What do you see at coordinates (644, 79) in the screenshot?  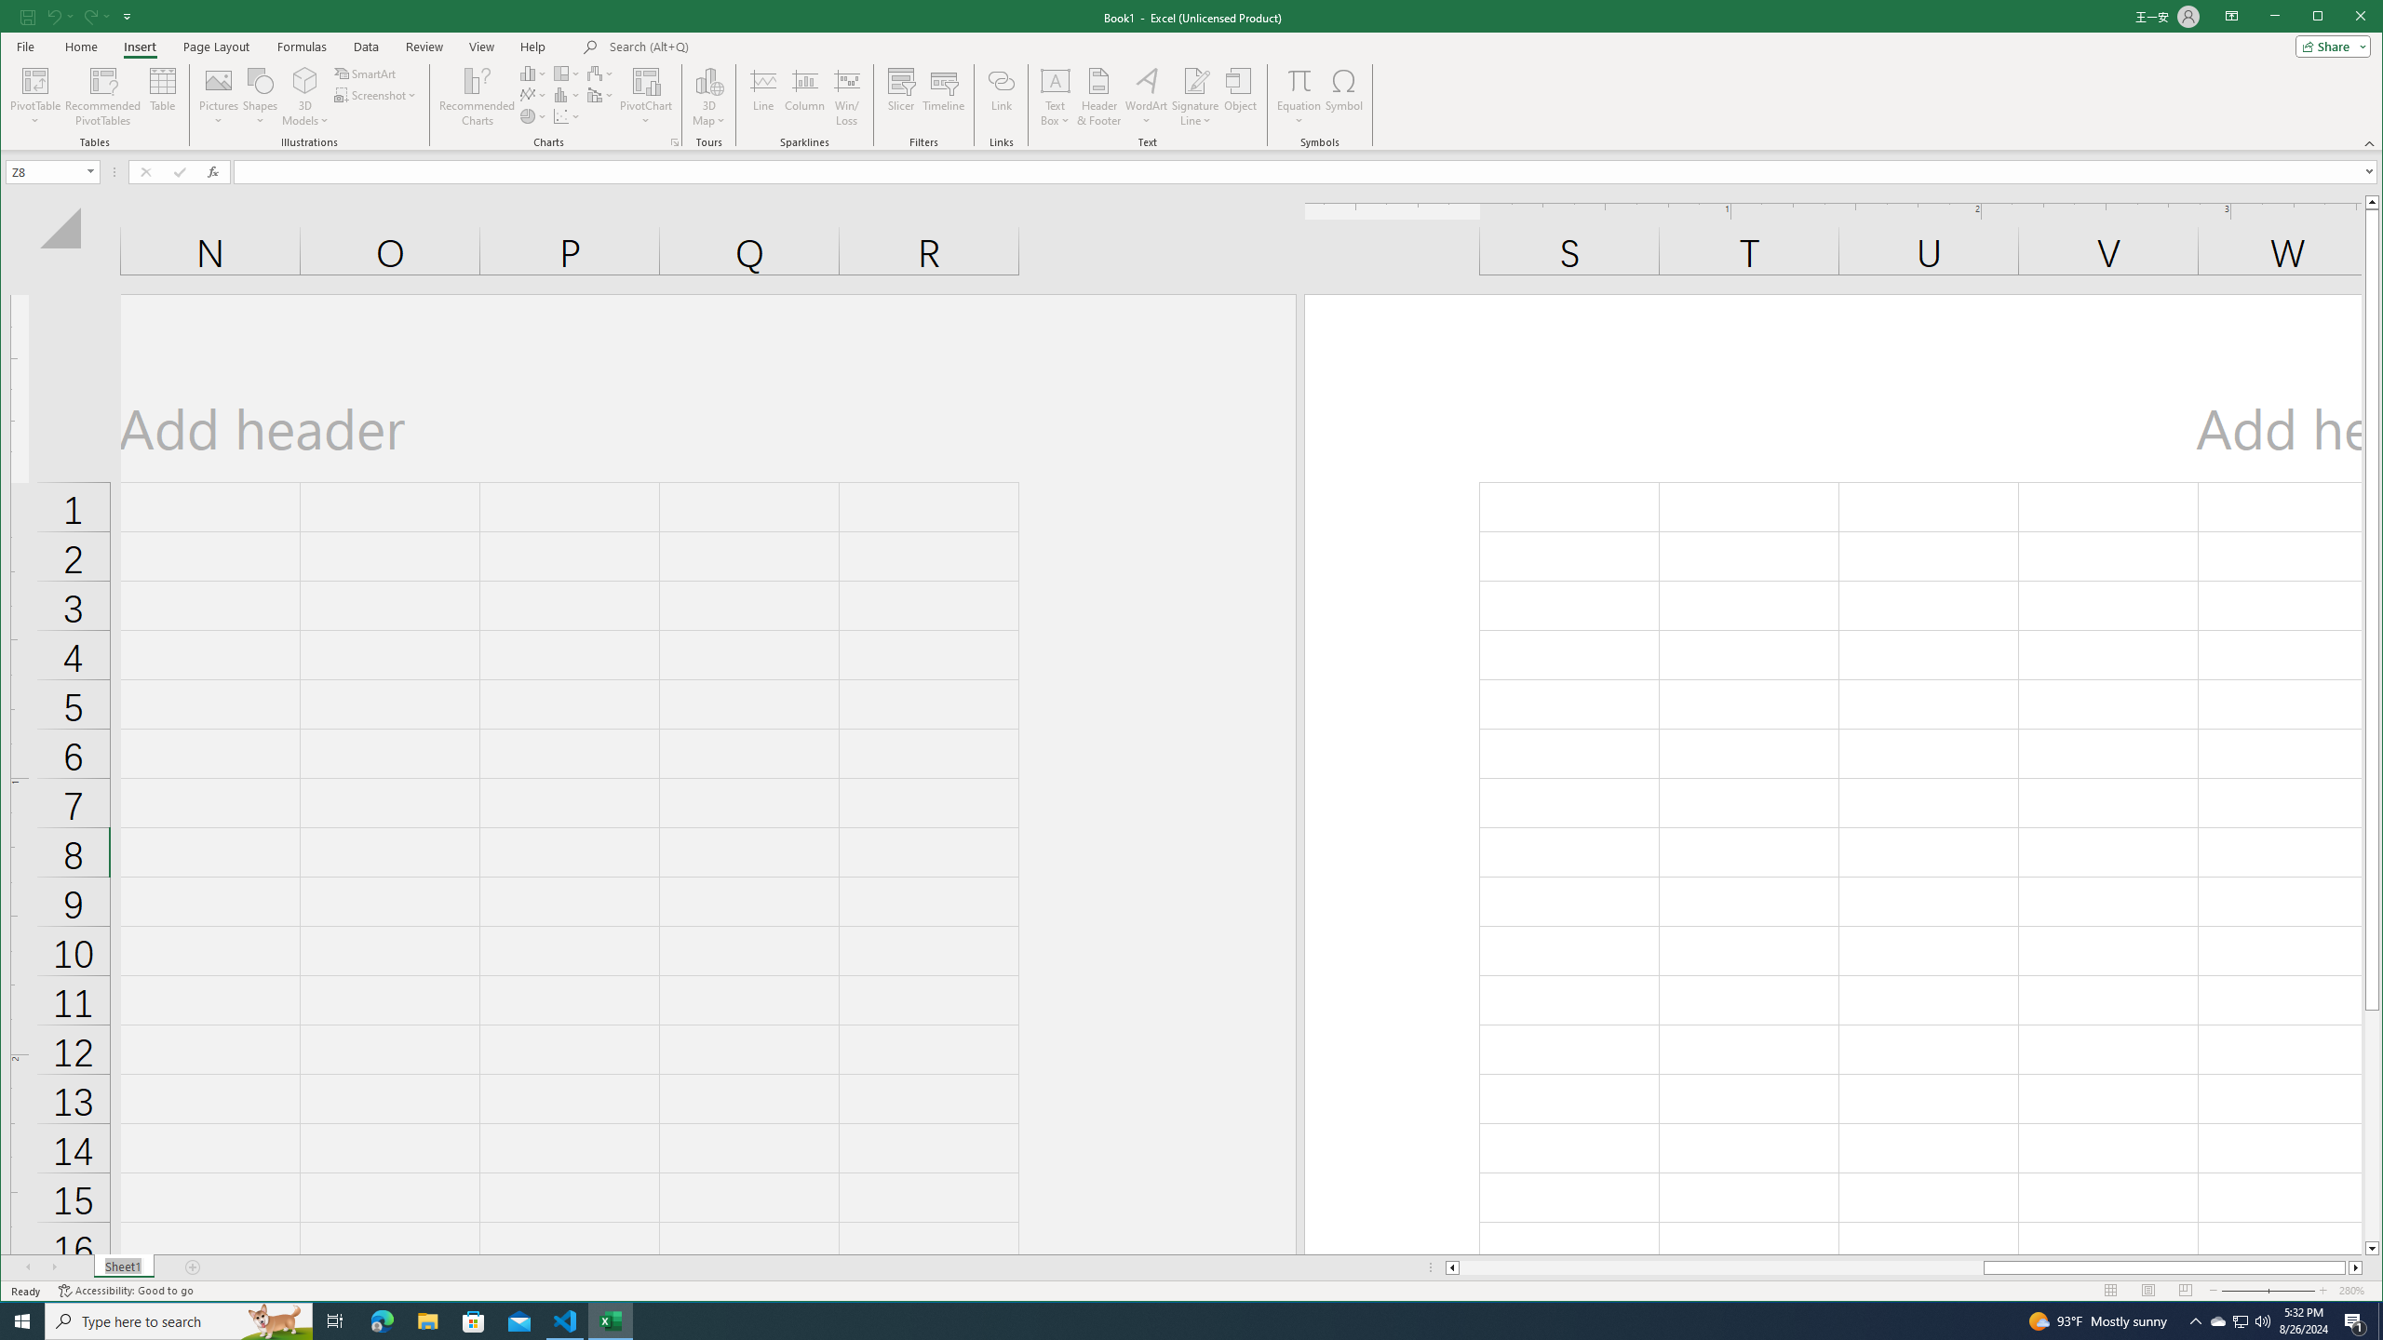 I see `'PivotChart'` at bounding box center [644, 79].